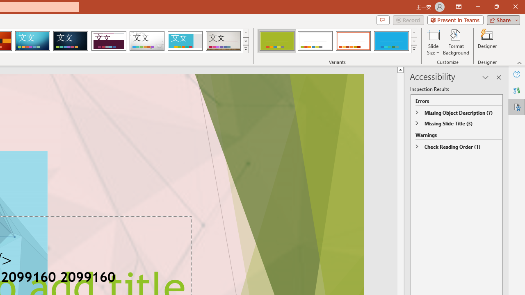 The height and width of the screenshot is (295, 525). Describe the element at coordinates (391, 41) in the screenshot. I see `'Basis Variant 4'` at that location.